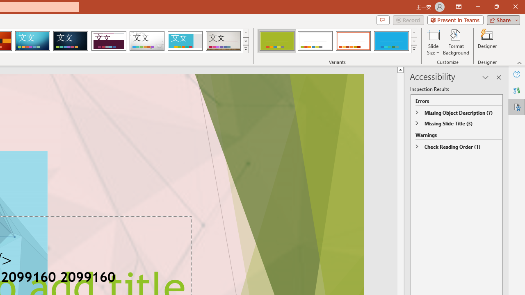 The height and width of the screenshot is (295, 525). Describe the element at coordinates (391, 41) in the screenshot. I see `'Basis Variant 4'` at that location.